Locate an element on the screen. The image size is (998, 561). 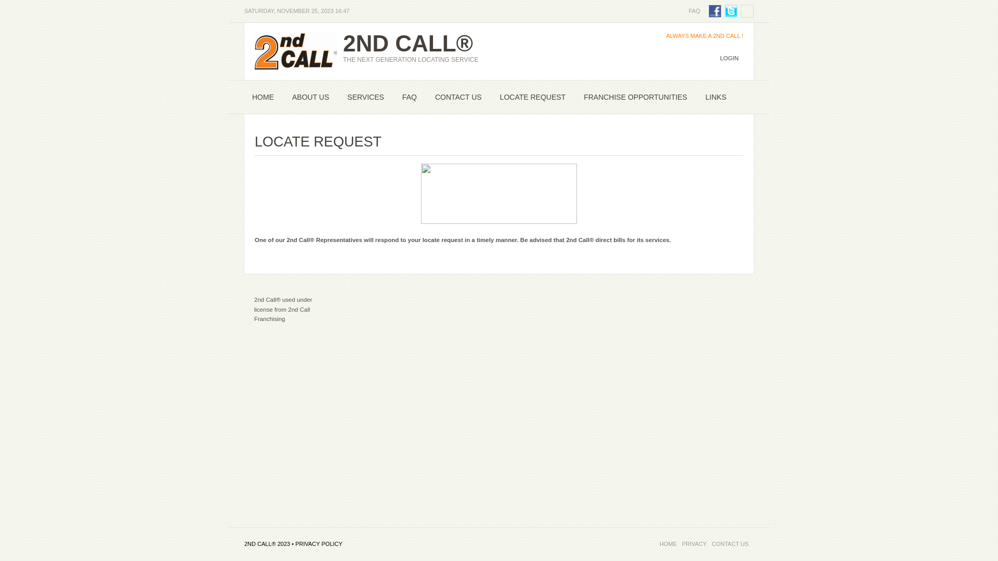
'LINKS' is located at coordinates (715, 97).